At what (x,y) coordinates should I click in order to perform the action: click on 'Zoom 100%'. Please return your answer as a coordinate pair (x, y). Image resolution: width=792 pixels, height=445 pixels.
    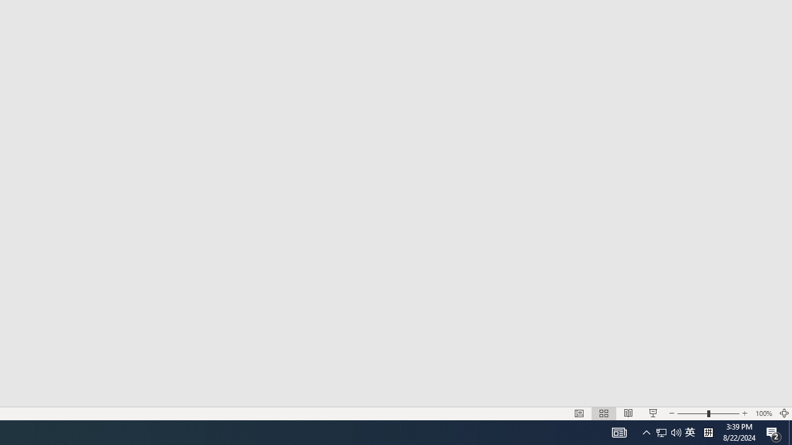
    Looking at the image, I should click on (763, 413).